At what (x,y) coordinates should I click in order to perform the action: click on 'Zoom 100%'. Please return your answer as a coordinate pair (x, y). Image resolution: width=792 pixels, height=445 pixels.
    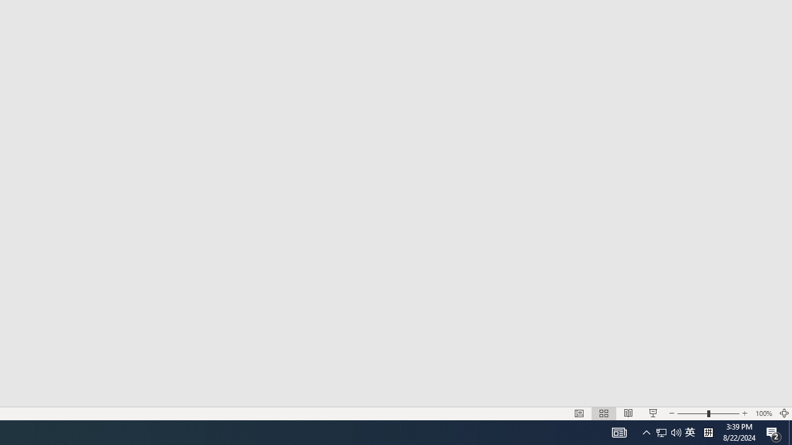
    Looking at the image, I should click on (763, 413).